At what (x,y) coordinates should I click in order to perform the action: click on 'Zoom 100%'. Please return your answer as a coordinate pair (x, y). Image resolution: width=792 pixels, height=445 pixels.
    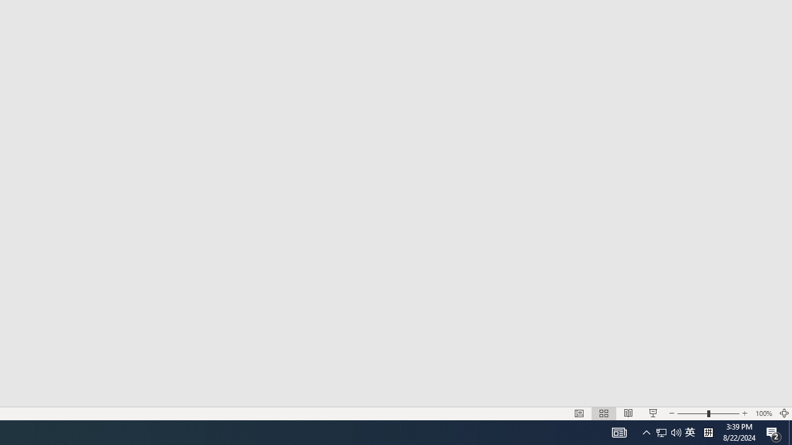
    Looking at the image, I should click on (763, 413).